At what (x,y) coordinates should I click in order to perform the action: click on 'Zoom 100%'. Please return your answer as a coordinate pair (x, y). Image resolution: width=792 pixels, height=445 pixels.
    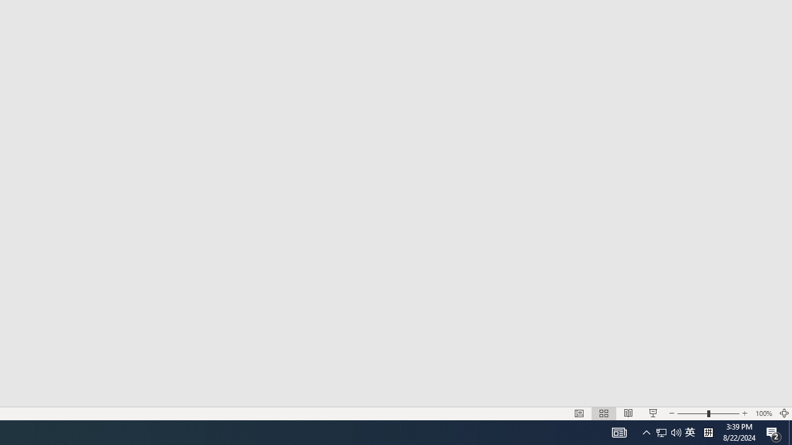
    Looking at the image, I should click on (763, 413).